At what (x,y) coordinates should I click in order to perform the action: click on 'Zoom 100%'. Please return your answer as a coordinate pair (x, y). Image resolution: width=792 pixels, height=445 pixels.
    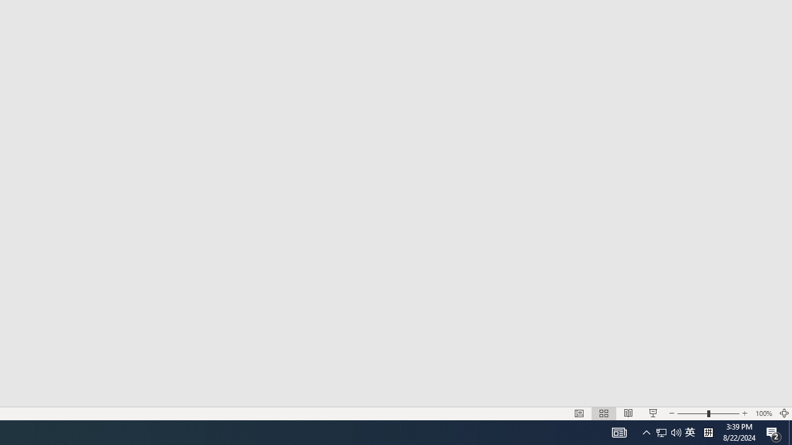
    Looking at the image, I should click on (763, 413).